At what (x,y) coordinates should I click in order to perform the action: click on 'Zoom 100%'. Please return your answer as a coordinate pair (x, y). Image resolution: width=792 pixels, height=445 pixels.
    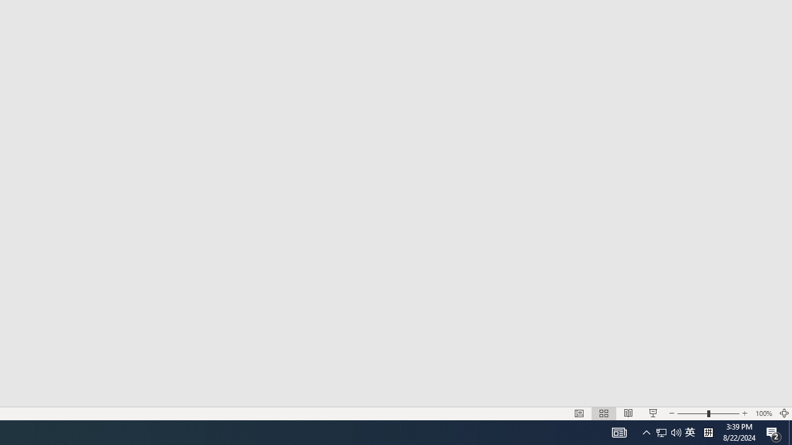
    Looking at the image, I should click on (763, 413).